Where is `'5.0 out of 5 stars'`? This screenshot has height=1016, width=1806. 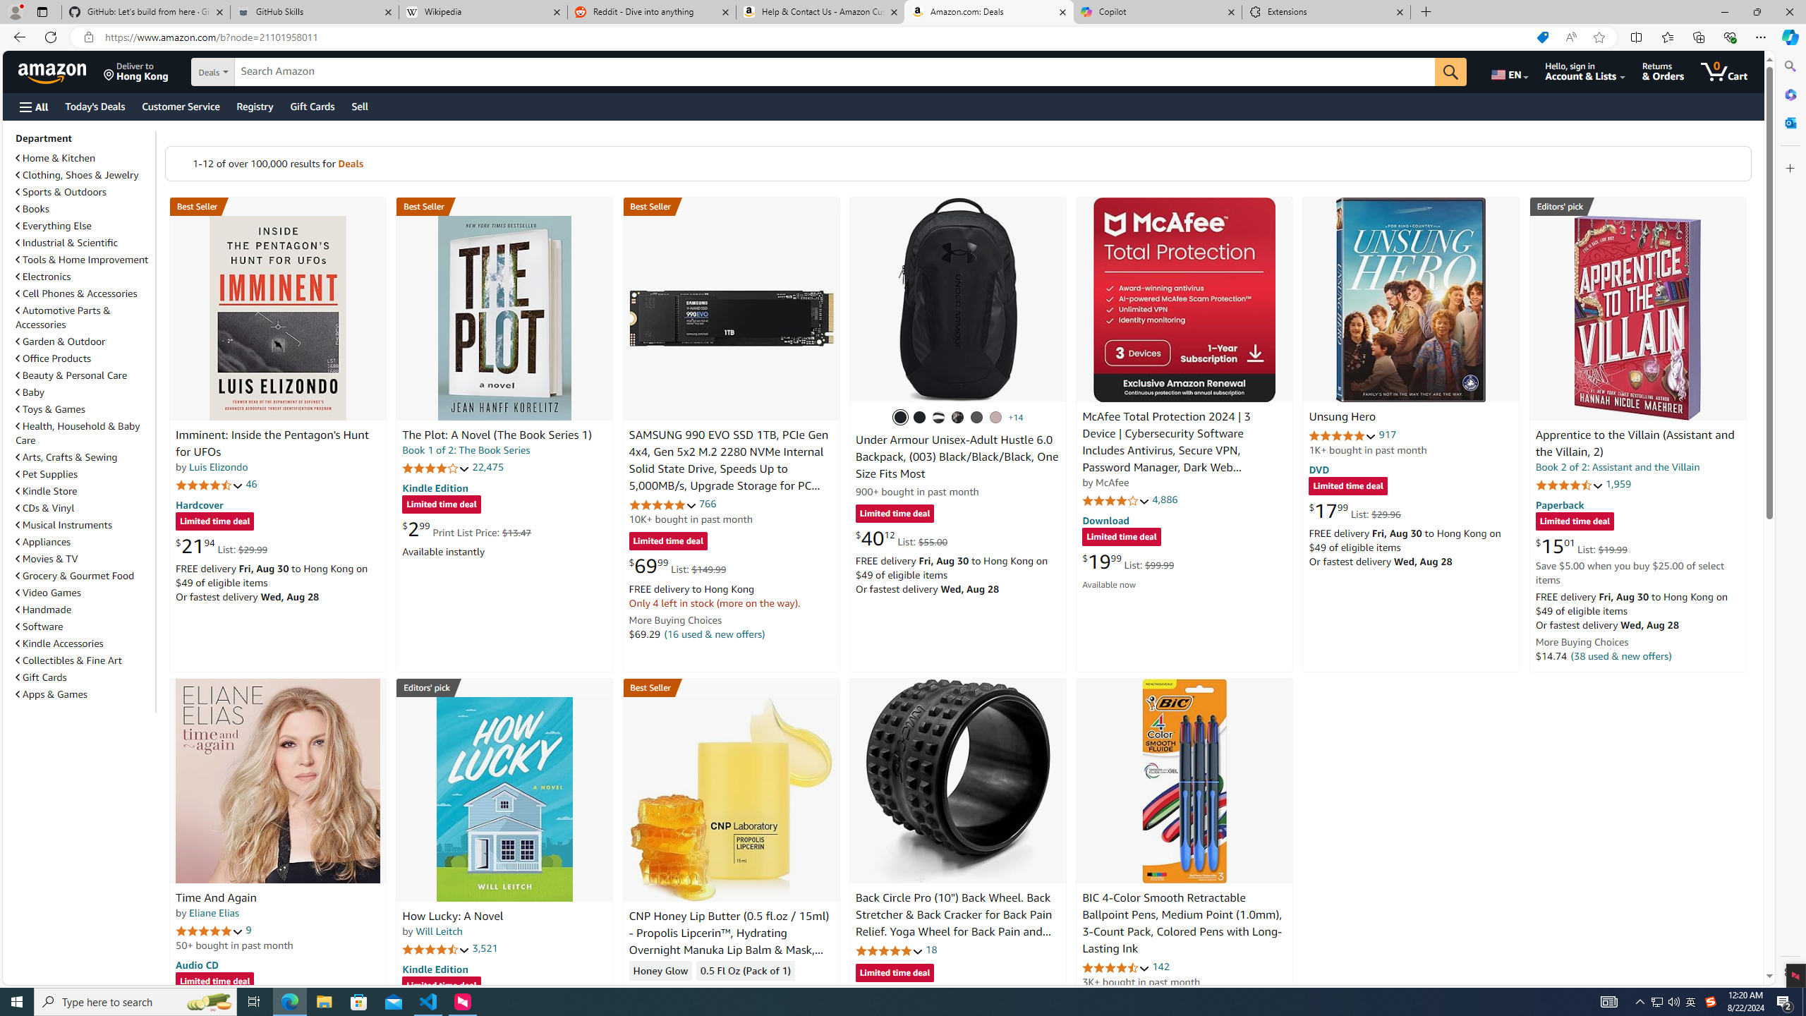 '5.0 out of 5 stars' is located at coordinates (208, 930).